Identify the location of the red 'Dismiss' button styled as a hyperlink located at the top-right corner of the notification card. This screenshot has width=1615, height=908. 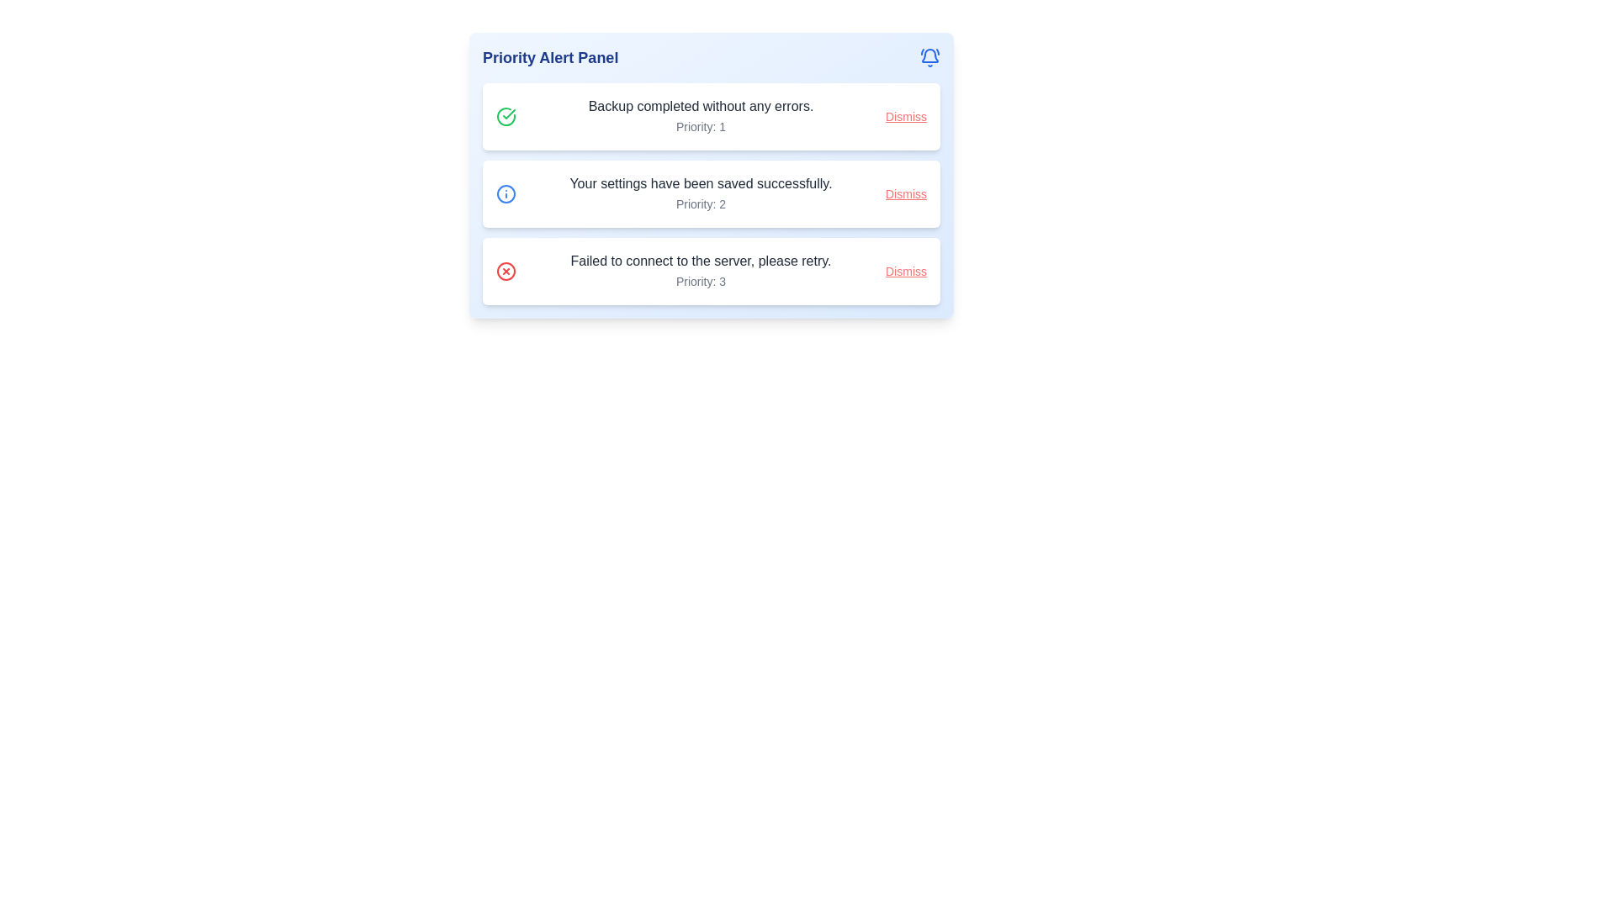
(905, 115).